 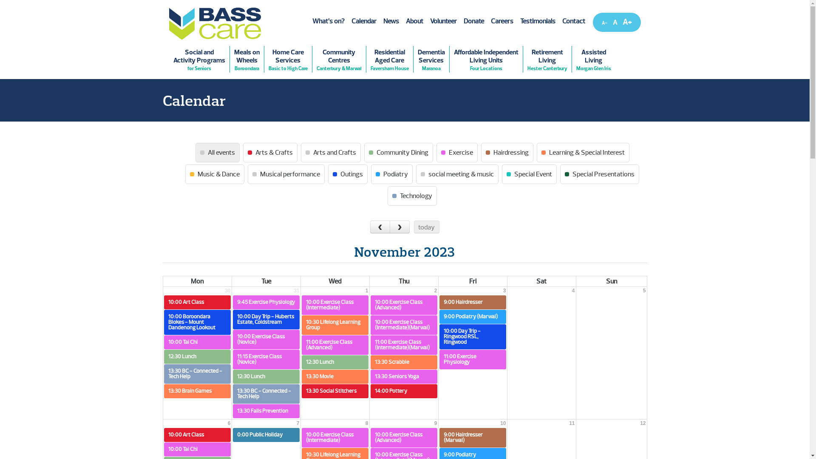 What do you see at coordinates (371, 362) in the screenshot?
I see `'13:30 Scrabble` at bounding box center [371, 362].